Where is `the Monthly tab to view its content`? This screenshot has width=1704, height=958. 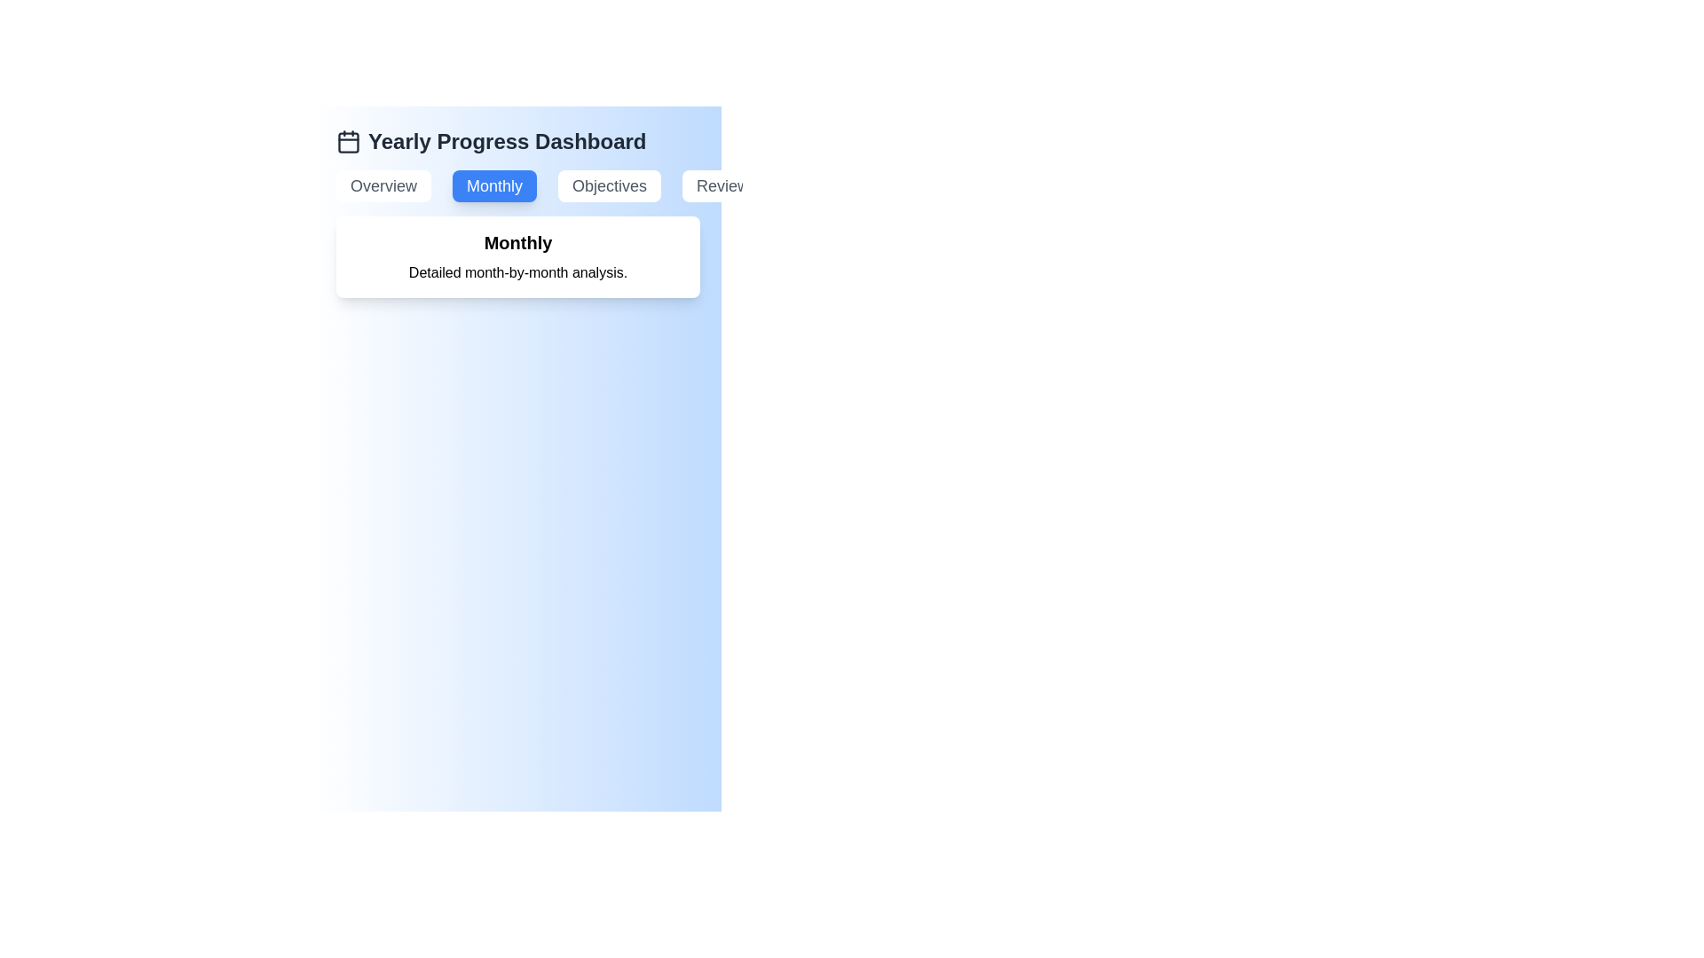
the Monthly tab to view its content is located at coordinates (493, 185).